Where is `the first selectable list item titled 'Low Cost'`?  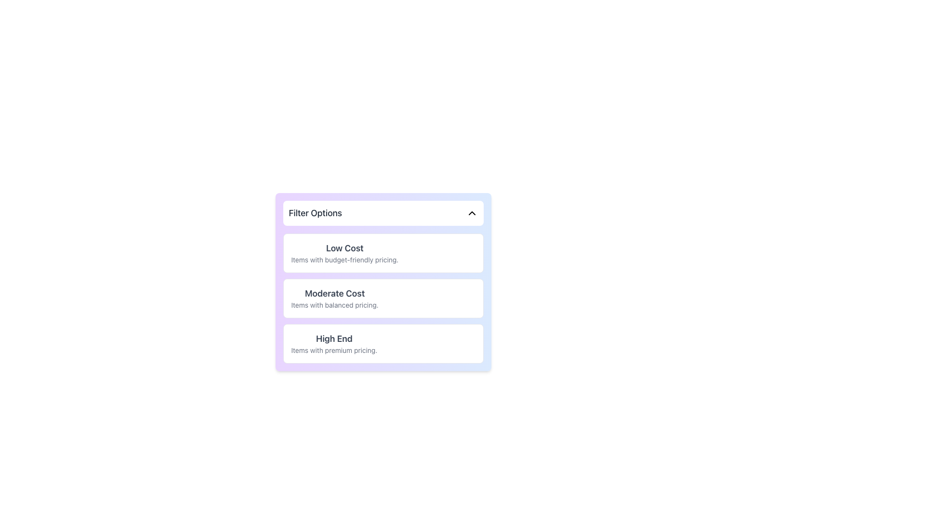
the first selectable list item titled 'Low Cost' is located at coordinates (344, 252).